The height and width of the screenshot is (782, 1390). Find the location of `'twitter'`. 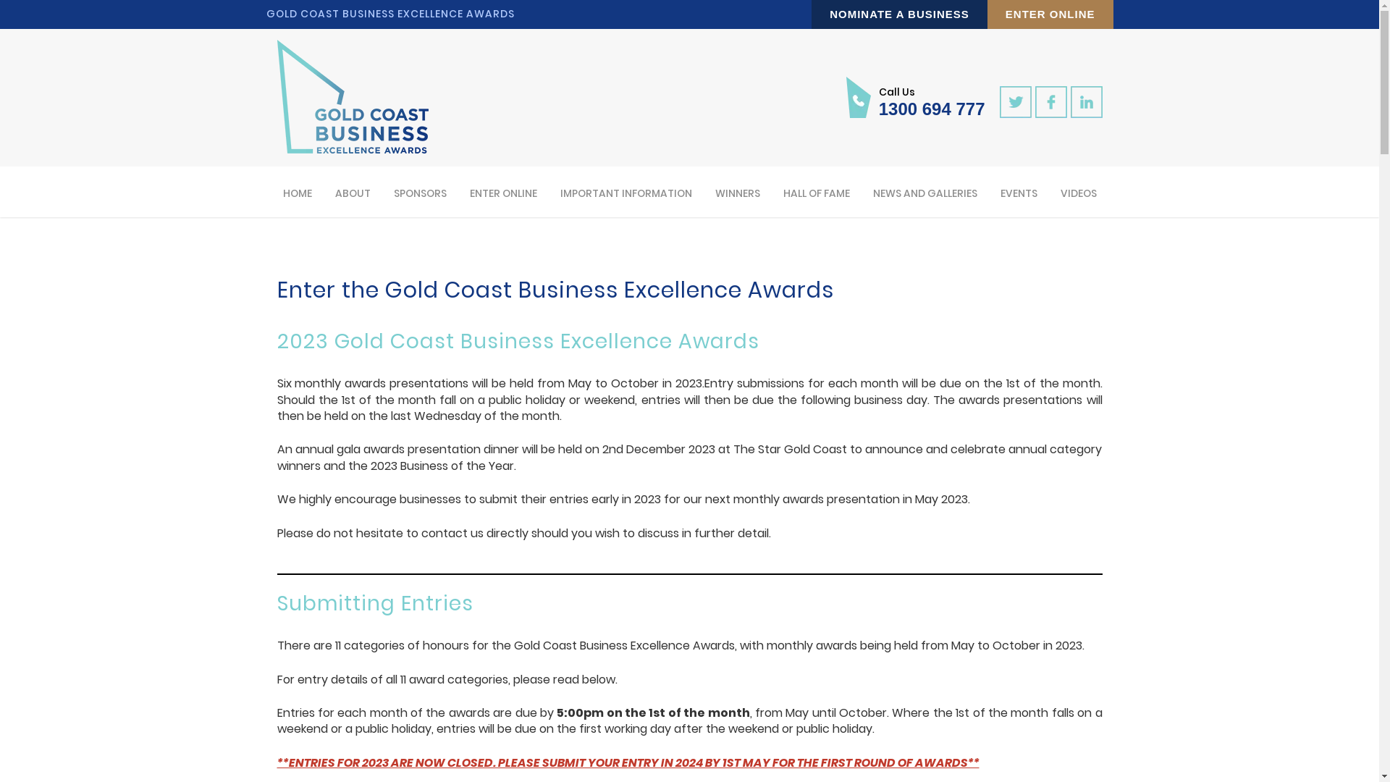

'twitter' is located at coordinates (1014, 101).